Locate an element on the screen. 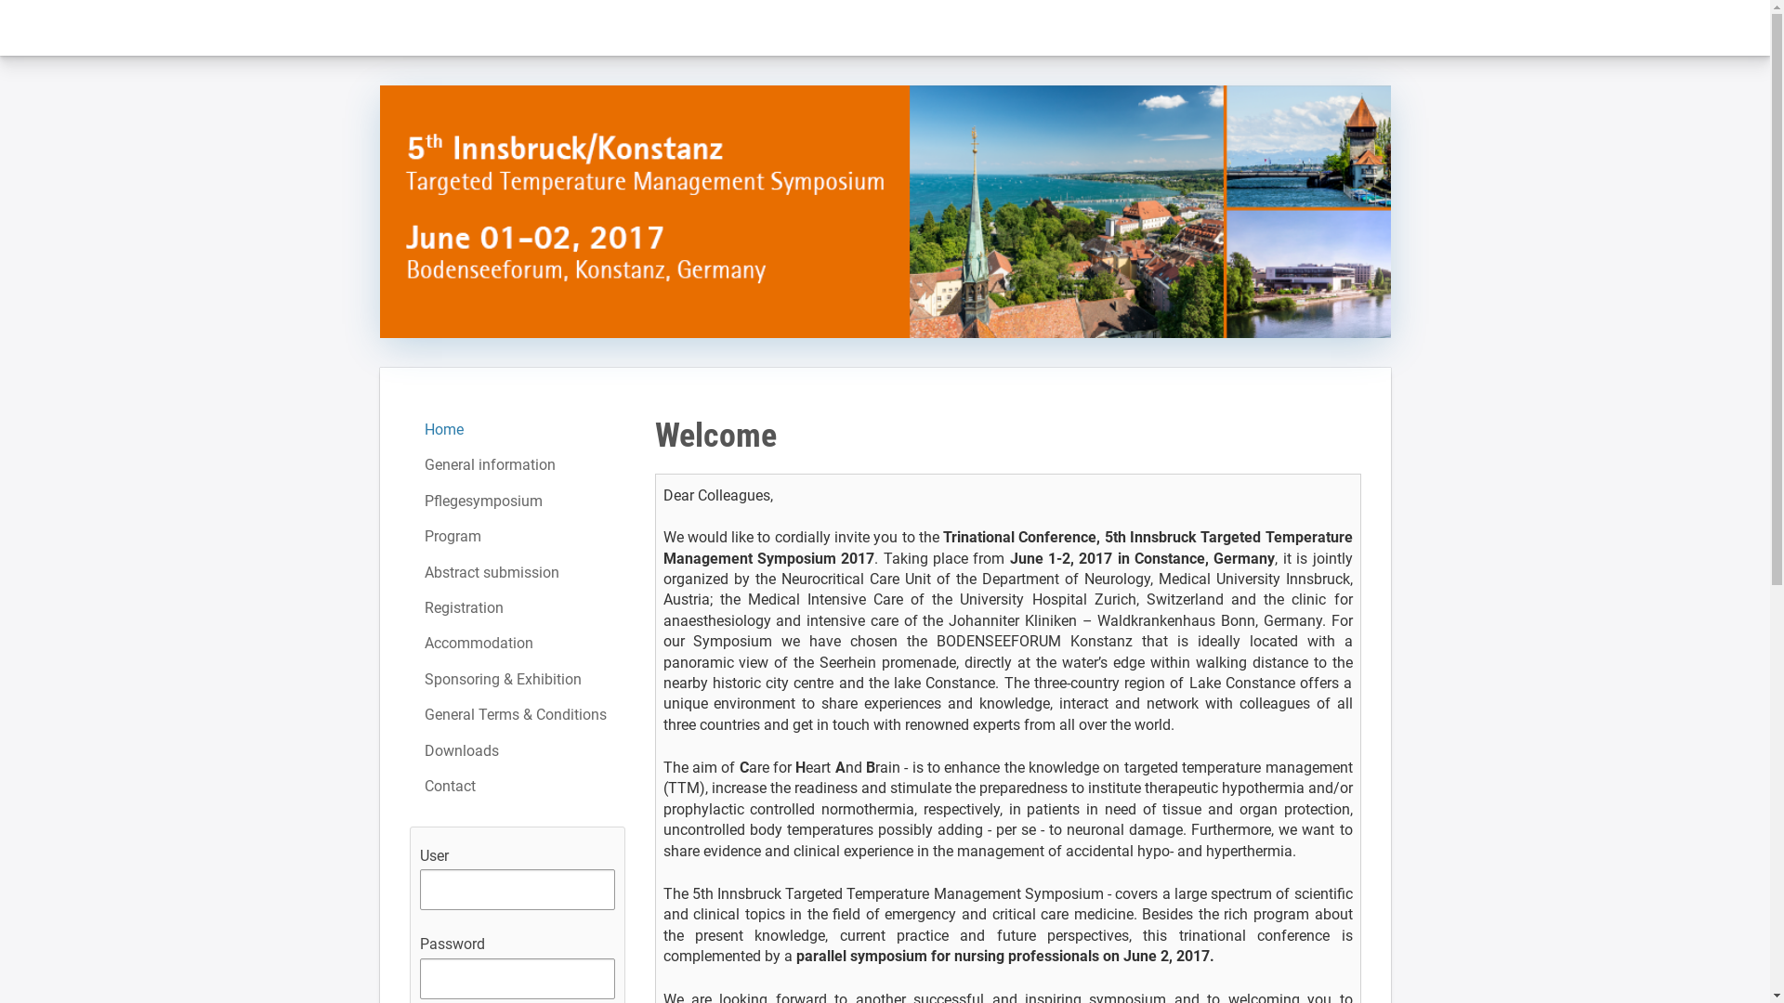 The width and height of the screenshot is (1784, 1003). 'Registration' is located at coordinates (517, 608).